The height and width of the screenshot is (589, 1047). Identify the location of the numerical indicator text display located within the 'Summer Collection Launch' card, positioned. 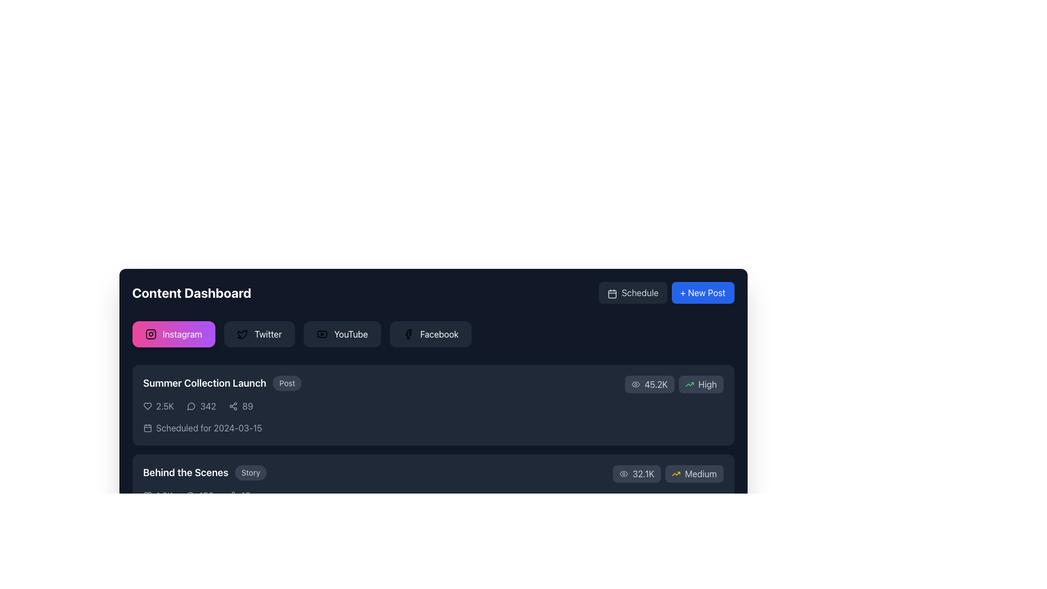
(247, 406).